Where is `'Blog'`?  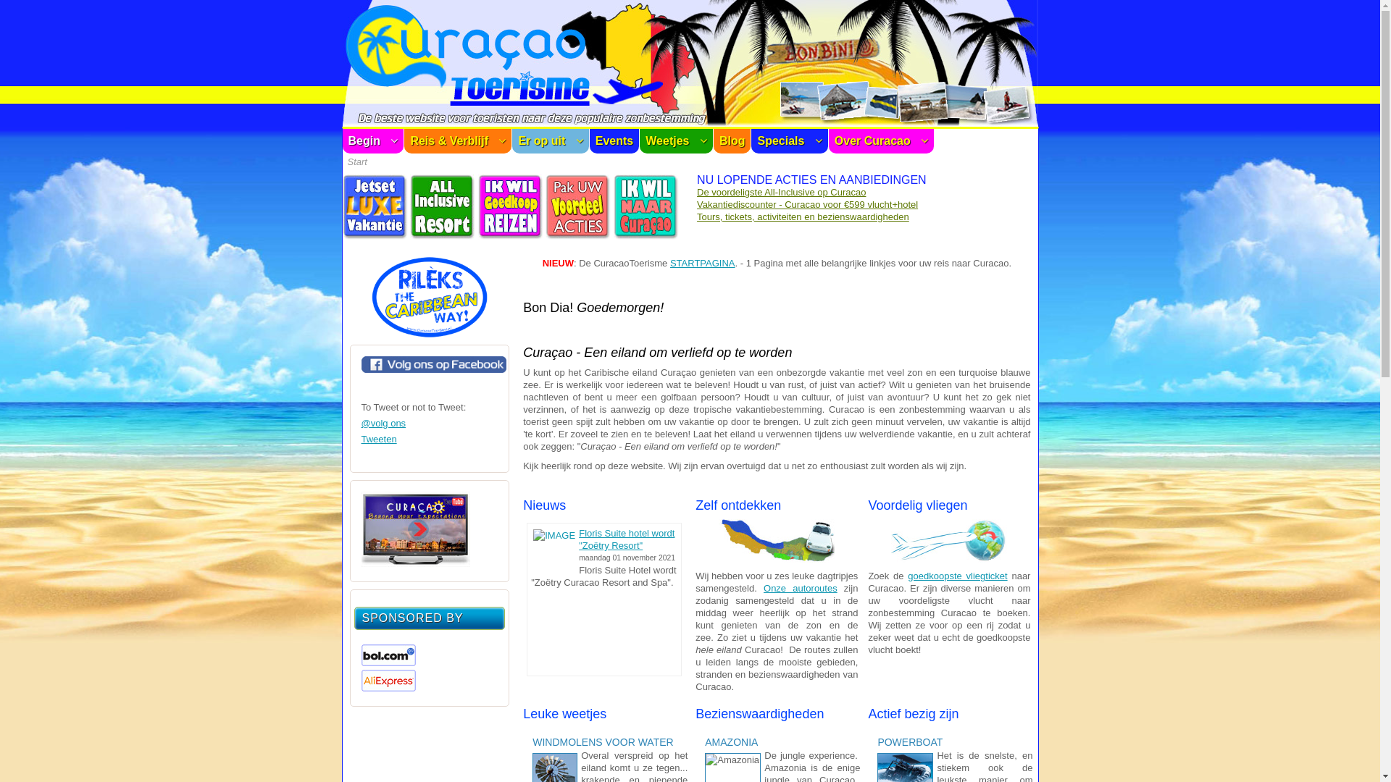 'Blog' is located at coordinates (732, 141).